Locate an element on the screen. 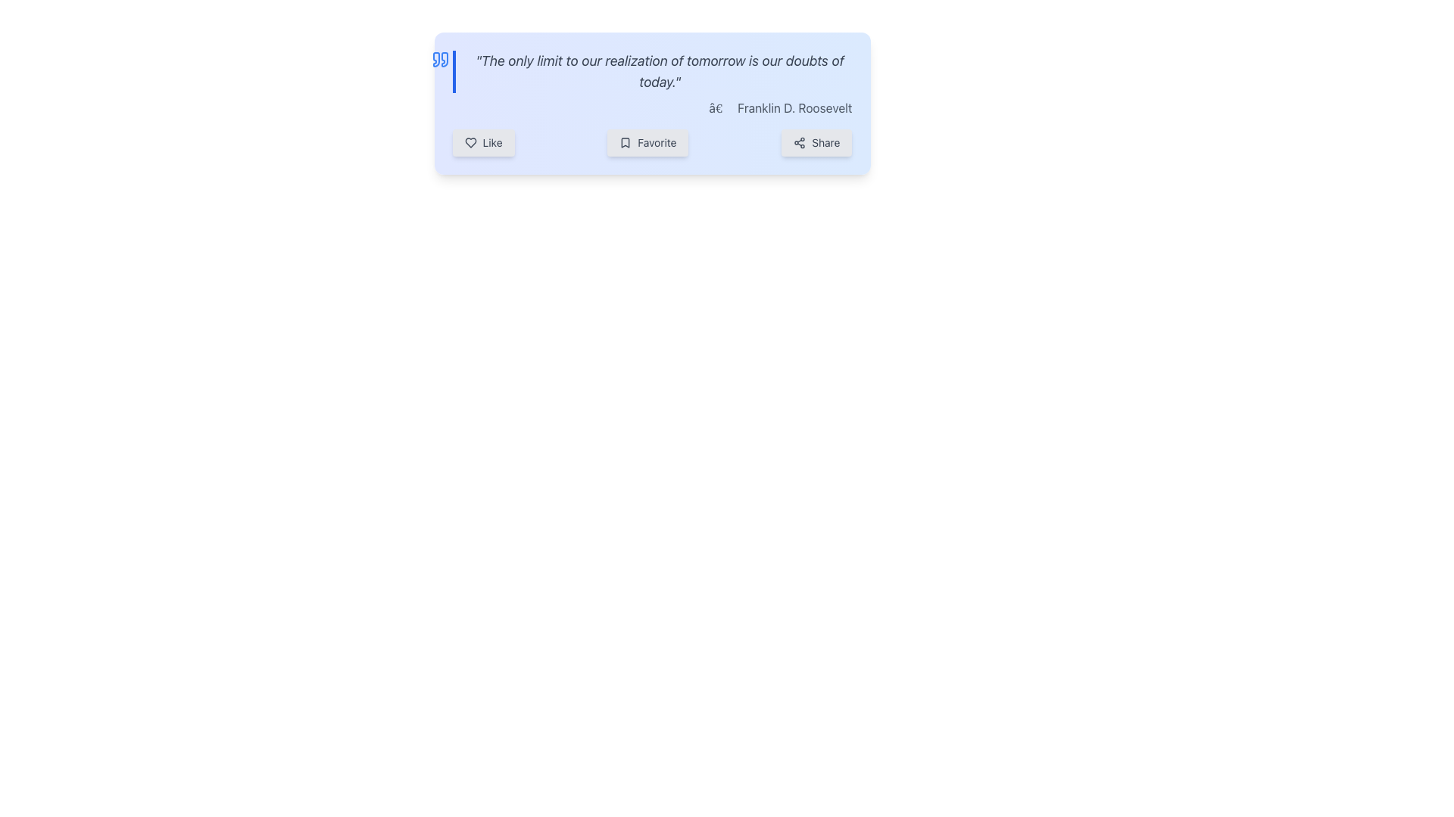  the 'Share' button by clicking on the icon located in the top-right corner of the interface, which serves as a visual representation for the 'Share' functionality is located at coordinates (799, 143).